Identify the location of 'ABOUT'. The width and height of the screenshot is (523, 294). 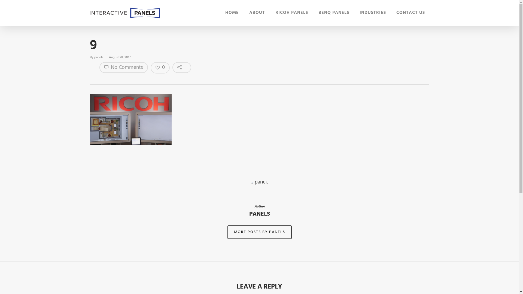
(257, 14).